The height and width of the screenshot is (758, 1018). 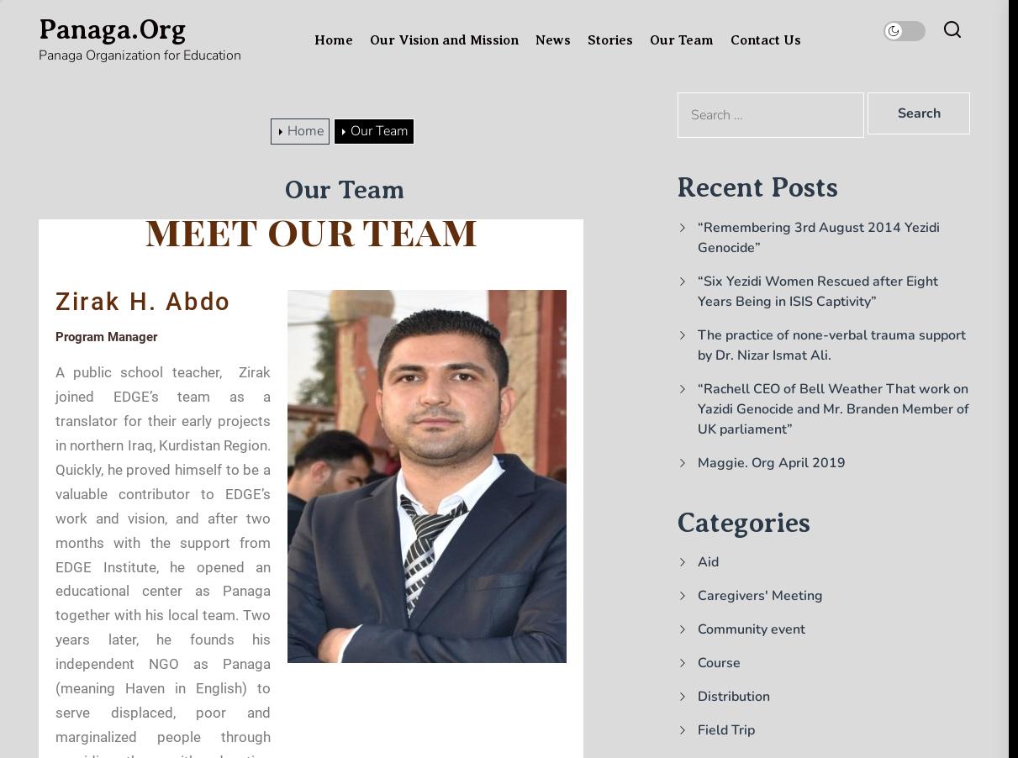 What do you see at coordinates (162, 529) in the screenshot?
I see `'A public school teacher,  Zirak joined EDGE’s team as a translator for their early projects in northern Iraq, Kurdistan Region. Quickly, he proved himself to be a valuable contributor to EDGE’s work and vision, and after two months with the support from EDGE Institute, he opened an educational center as Panaga together with his local team. Two years later, he founds his independent NGO as Panaga (meaning Haven in English) to'` at bounding box center [162, 529].